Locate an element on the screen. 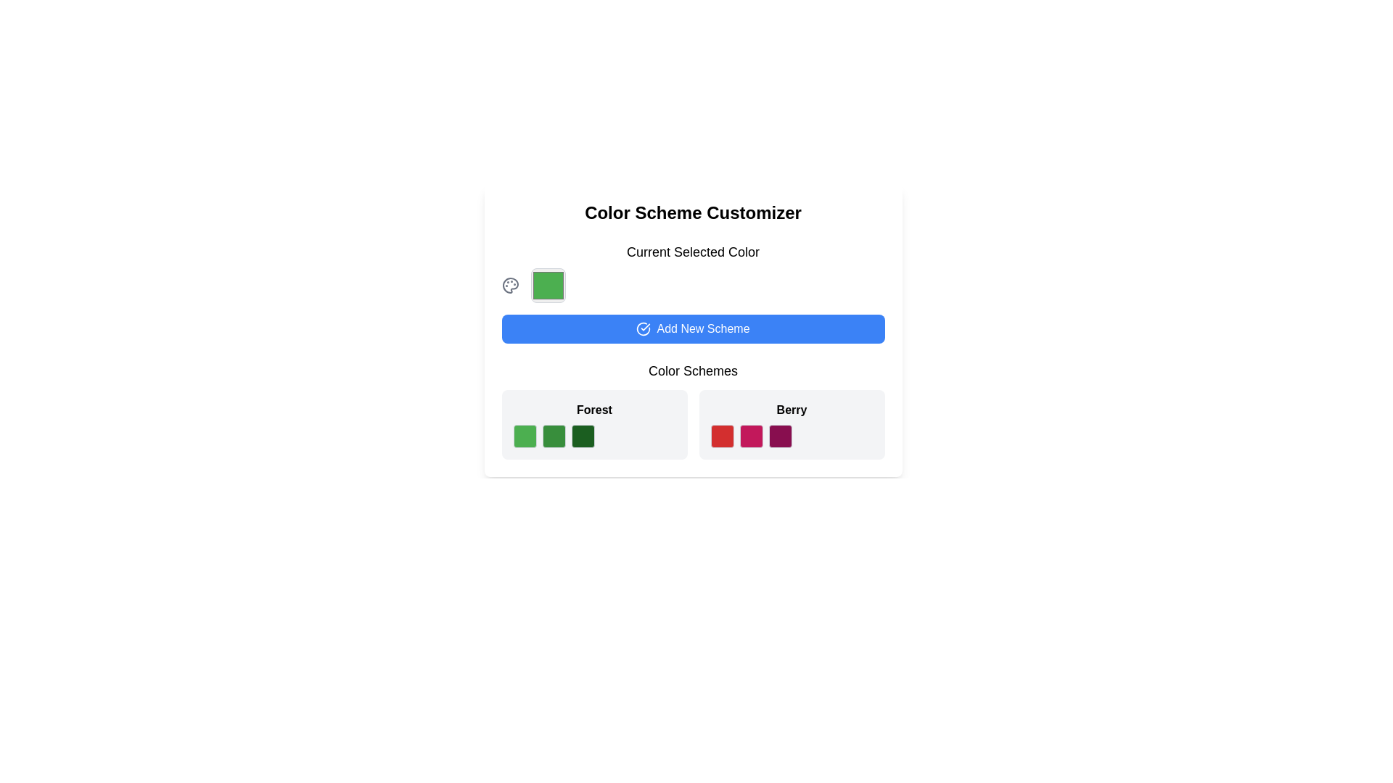  the text label displaying 'Forest' in bold, dark color, which is positioned above the green color swatches in the 'Color Schemes' section is located at coordinates (594, 410).